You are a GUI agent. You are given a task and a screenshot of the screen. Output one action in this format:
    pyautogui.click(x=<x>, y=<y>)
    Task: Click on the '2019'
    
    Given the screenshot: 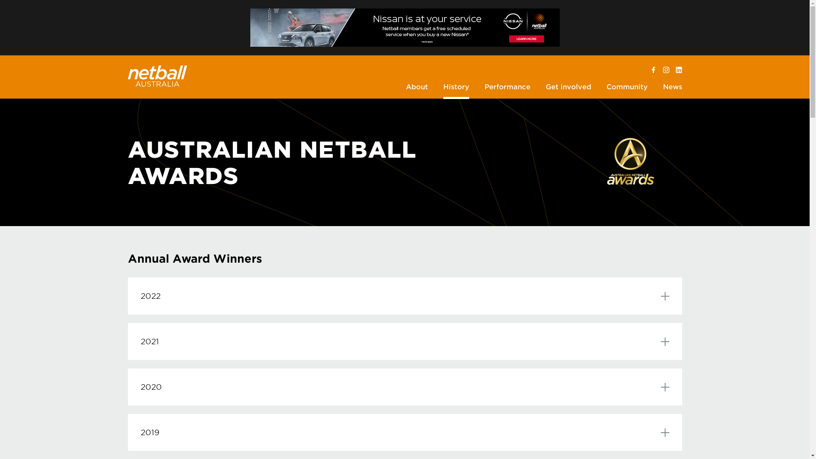 What is the action you would take?
    pyautogui.click(x=404, y=432)
    